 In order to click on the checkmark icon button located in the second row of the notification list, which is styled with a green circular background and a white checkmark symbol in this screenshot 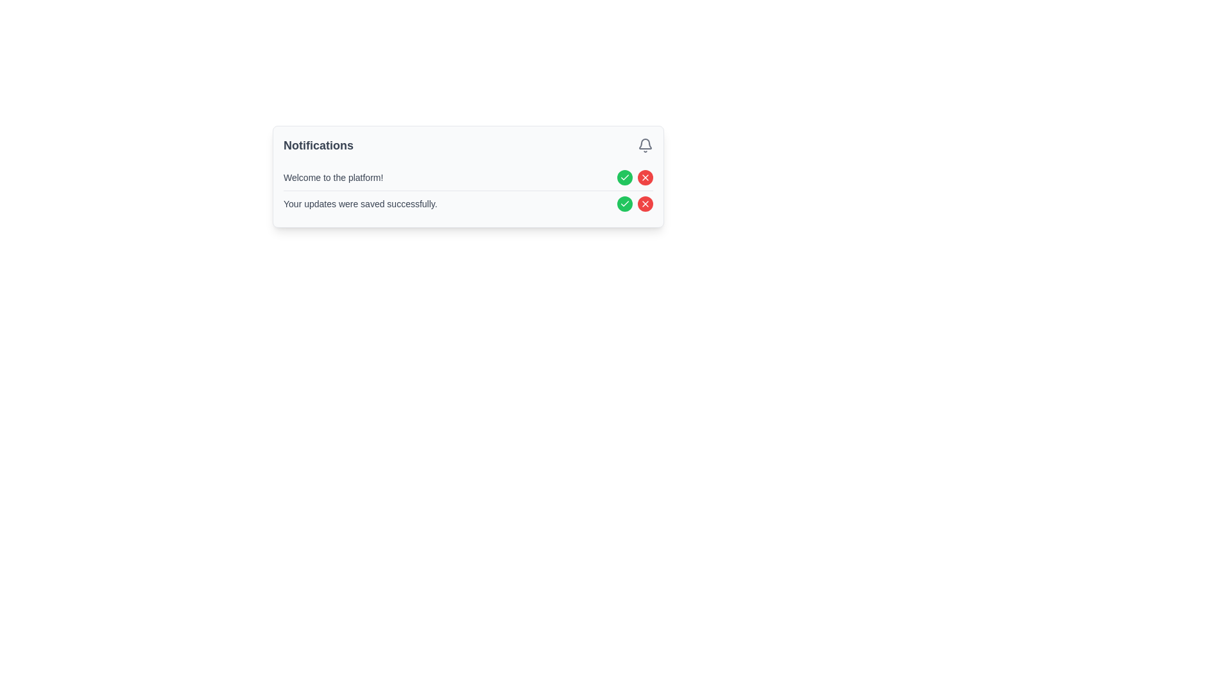, I will do `click(625, 178)`.